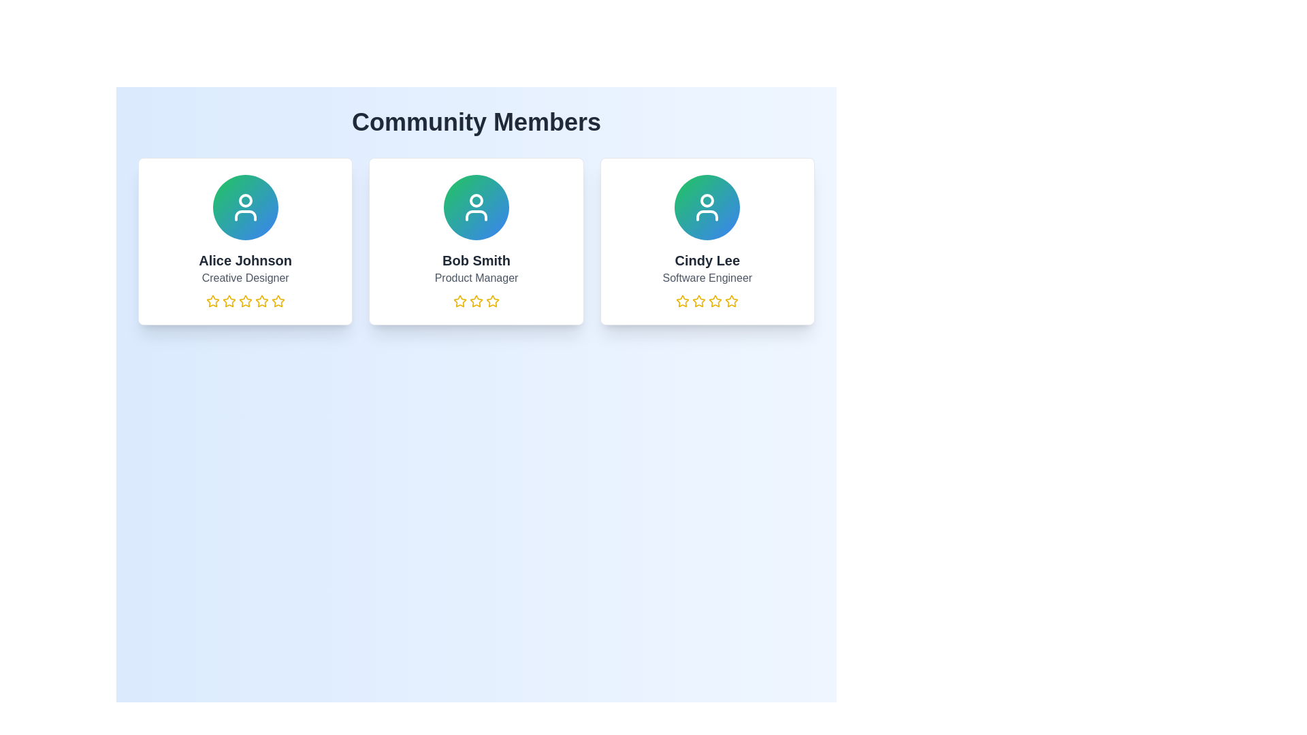 This screenshot has height=735, width=1307. What do you see at coordinates (245, 300) in the screenshot?
I see `the first yellow star rating icon beneath the name 'Alice Johnson' in the 'Community Members' section to rate it` at bounding box center [245, 300].